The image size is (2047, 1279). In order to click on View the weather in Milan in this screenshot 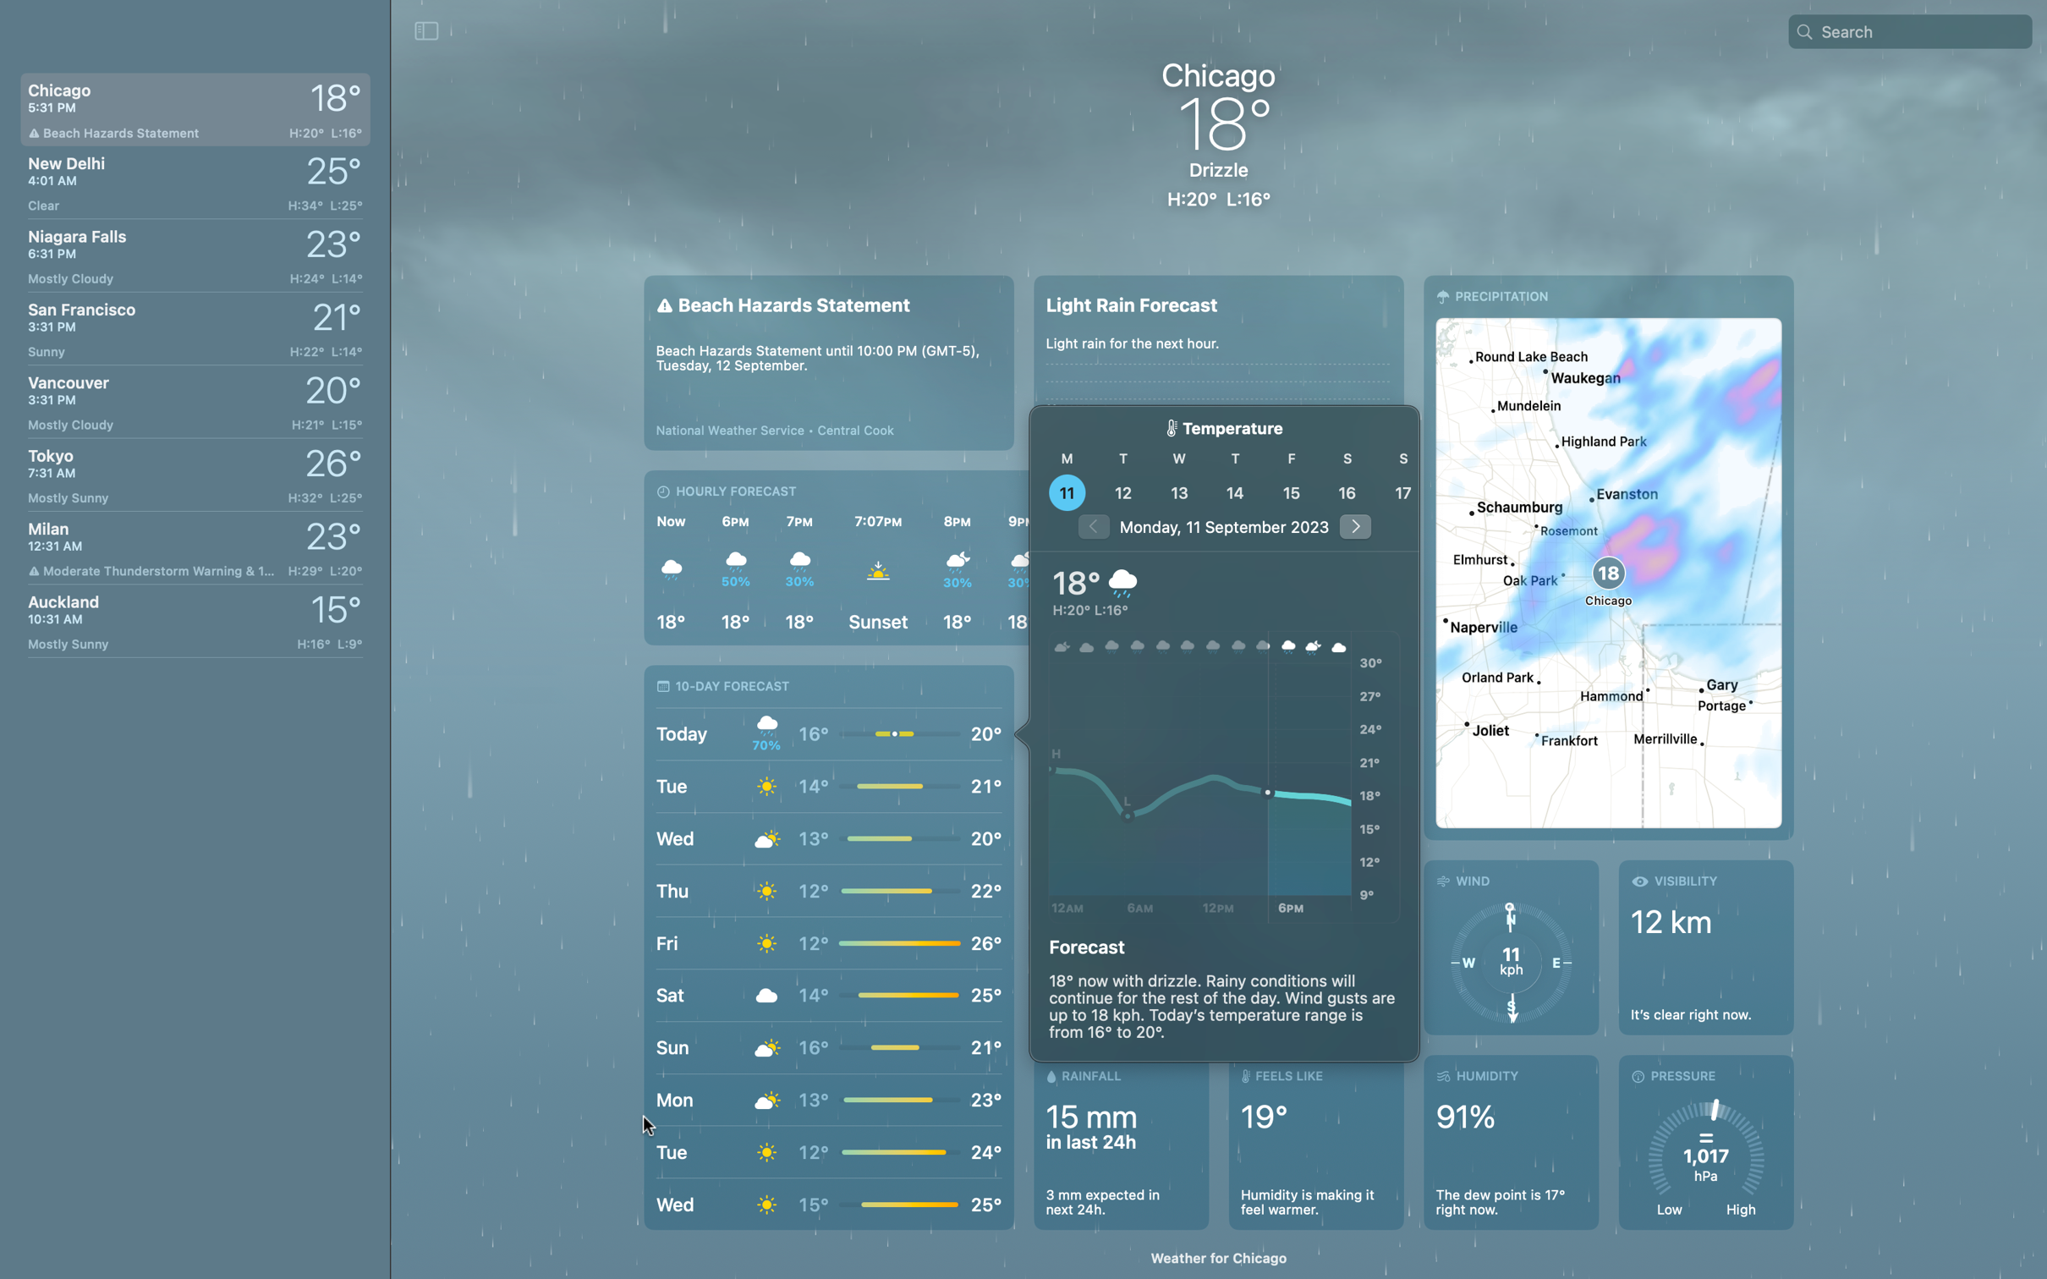, I will do `click(193, 547)`.